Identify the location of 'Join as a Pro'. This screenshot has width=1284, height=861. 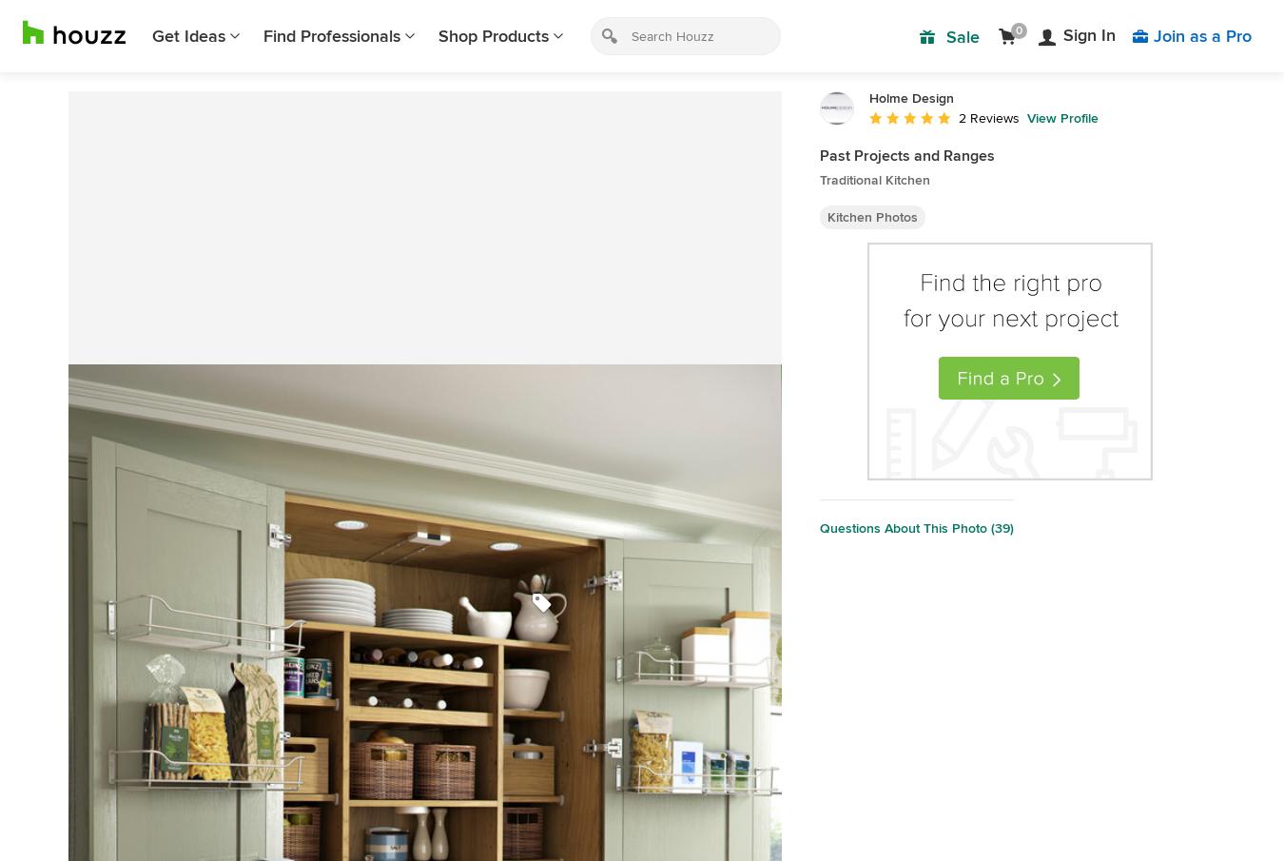
(1202, 35).